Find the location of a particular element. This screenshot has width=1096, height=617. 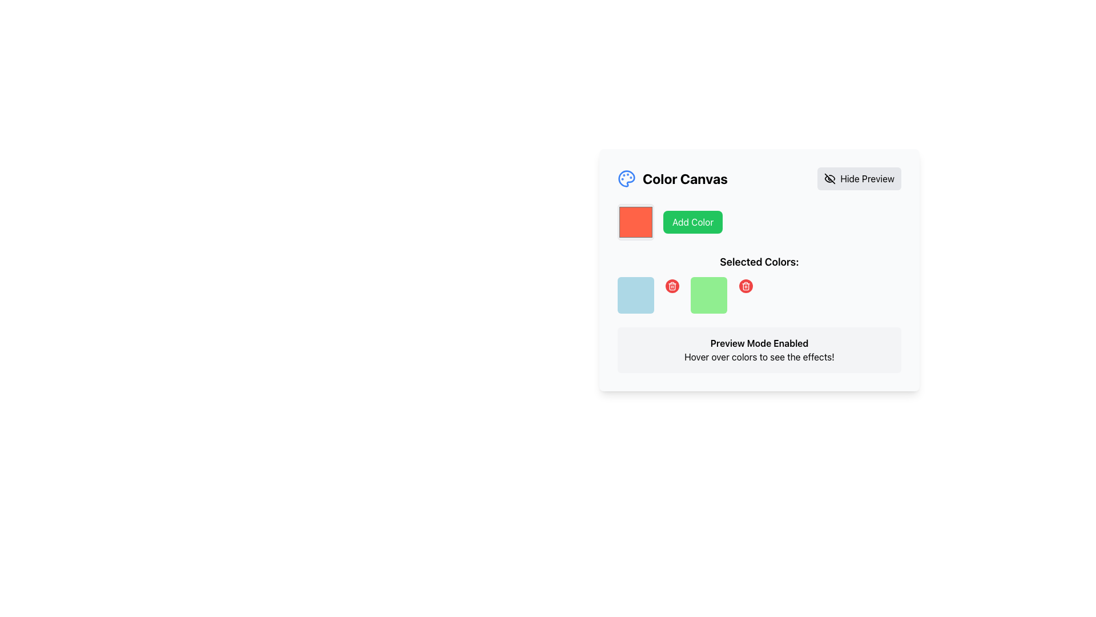

the color display block, which is the second item in the second row of the grid layout in the 'Selected Colors' section is located at coordinates (722, 294).